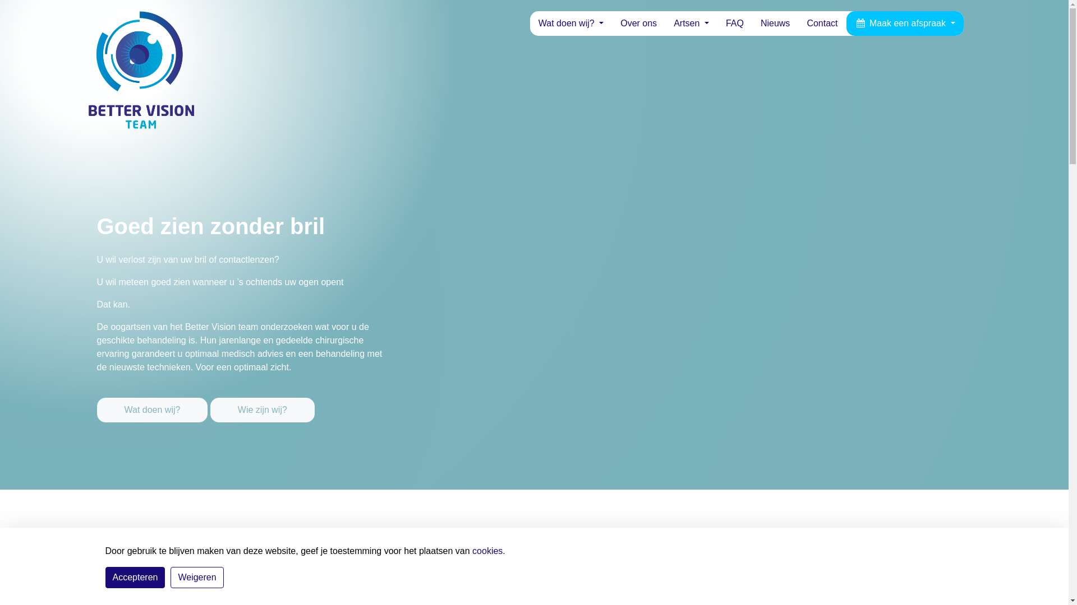  I want to click on 'FAQ', so click(735, 24).